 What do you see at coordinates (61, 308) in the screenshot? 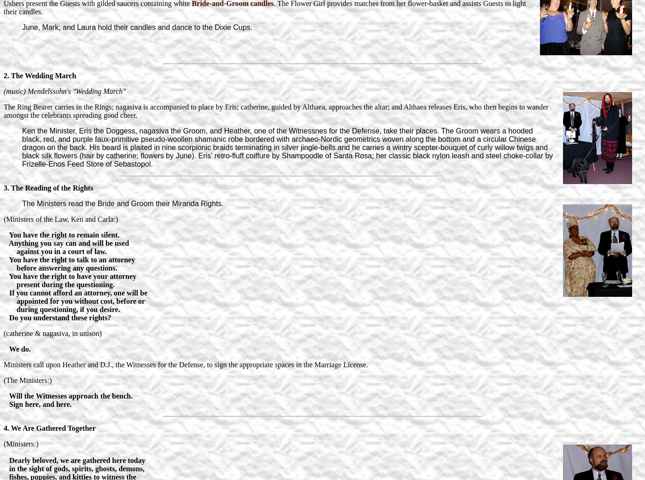
I see `'during questioning, if you desire.'` at bounding box center [61, 308].